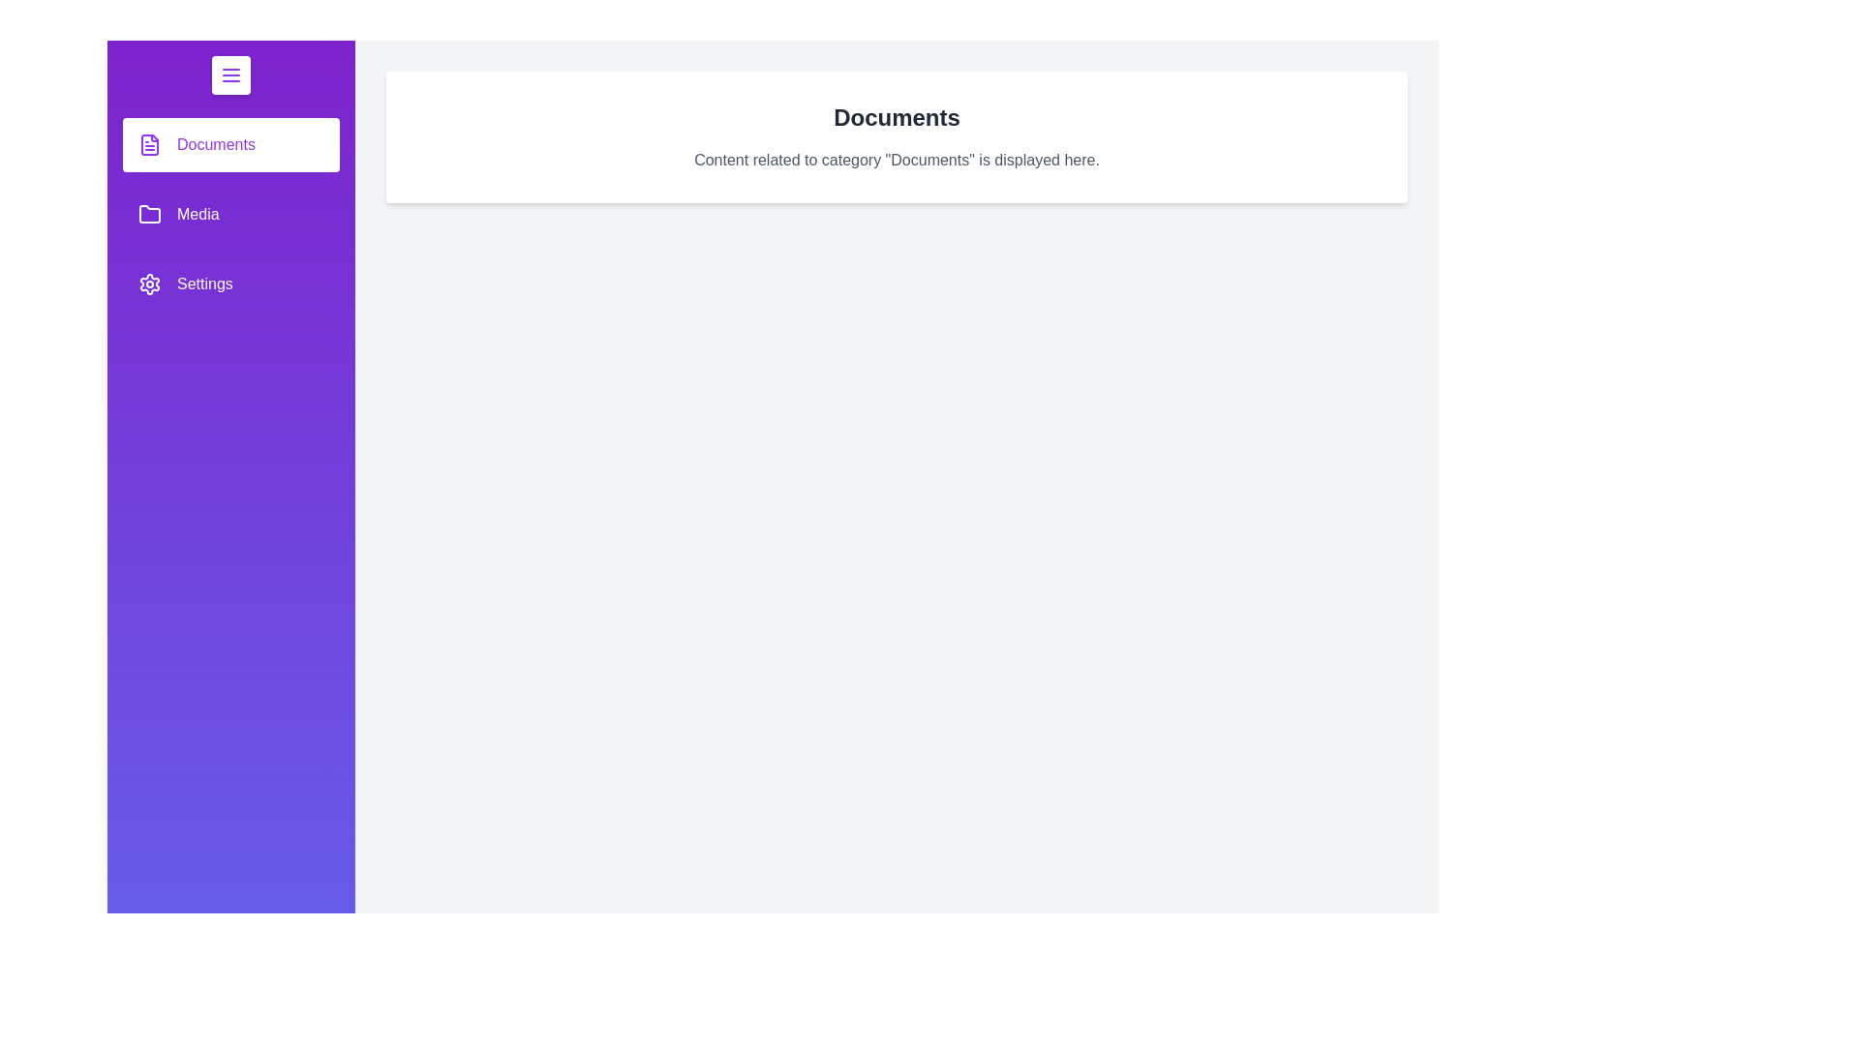  Describe the element at coordinates (231, 284) in the screenshot. I see `the category Settings from the list` at that location.